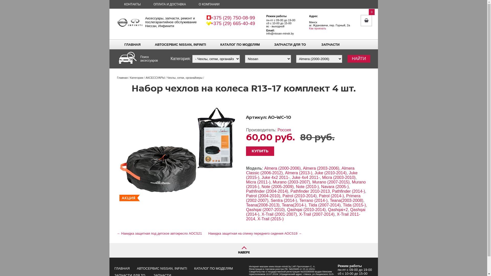  Describe the element at coordinates (366, 13) in the screenshot. I see `'0'` at that location.